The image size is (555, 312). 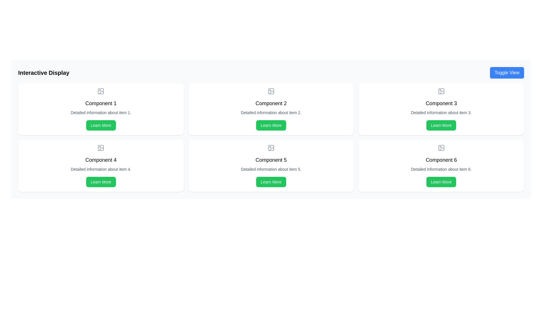 I want to click on the text label displaying 'Component 5', which is styled in a larger font size and centered alignment, located in the middle card of the second row in the grid layout, so click(x=271, y=160).